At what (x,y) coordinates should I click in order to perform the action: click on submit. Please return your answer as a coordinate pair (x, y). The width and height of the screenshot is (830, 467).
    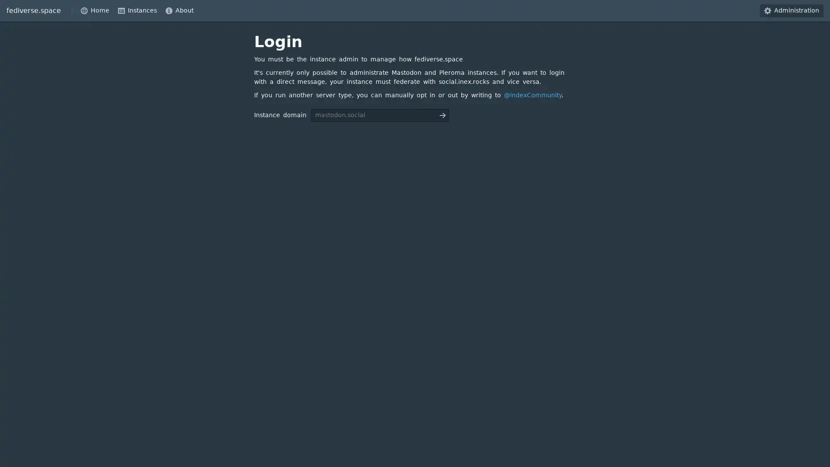
    Looking at the image, I should click on (442, 115).